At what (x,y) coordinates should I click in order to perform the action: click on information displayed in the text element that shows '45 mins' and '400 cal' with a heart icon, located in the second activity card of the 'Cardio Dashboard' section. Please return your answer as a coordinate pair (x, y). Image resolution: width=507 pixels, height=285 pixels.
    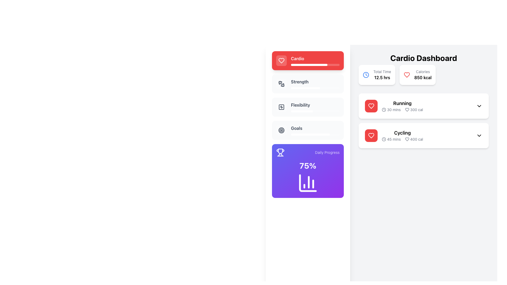
    Looking at the image, I should click on (402, 139).